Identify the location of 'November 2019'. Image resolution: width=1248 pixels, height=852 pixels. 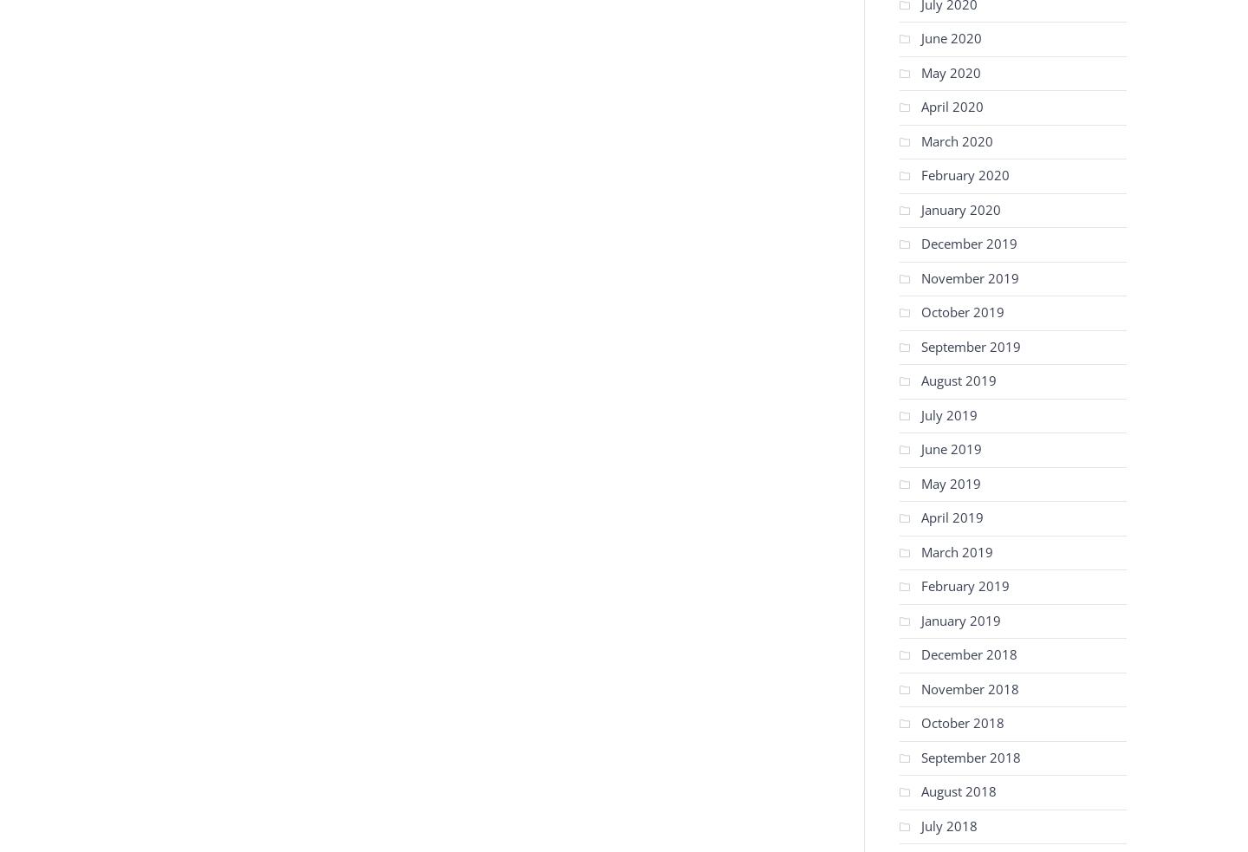
(969, 276).